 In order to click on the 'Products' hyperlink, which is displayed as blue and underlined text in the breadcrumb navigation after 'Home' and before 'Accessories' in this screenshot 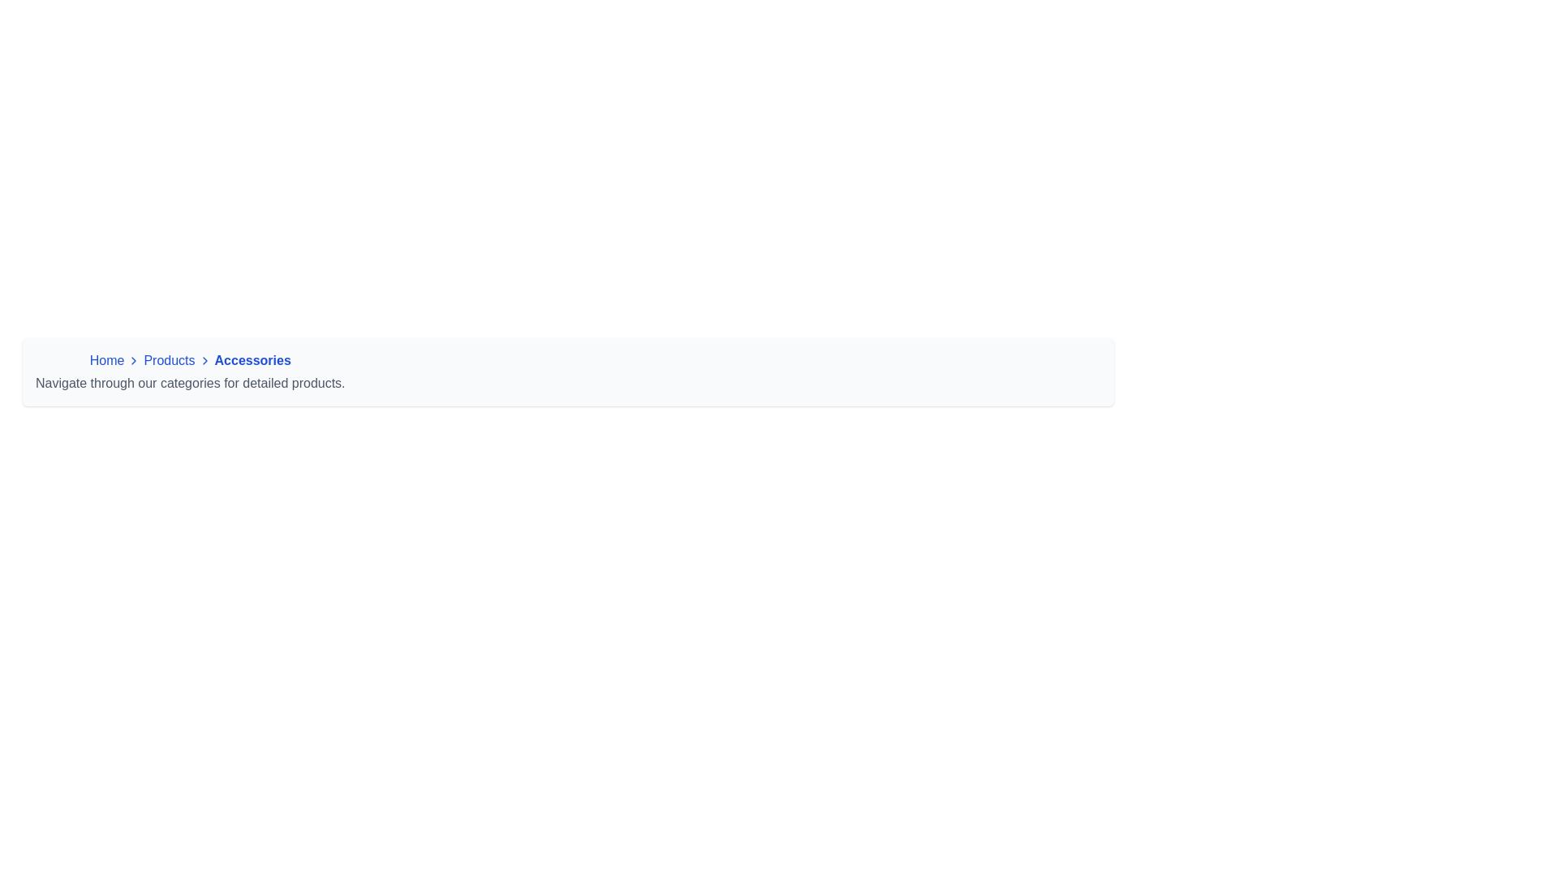, I will do `click(169, 359)`.